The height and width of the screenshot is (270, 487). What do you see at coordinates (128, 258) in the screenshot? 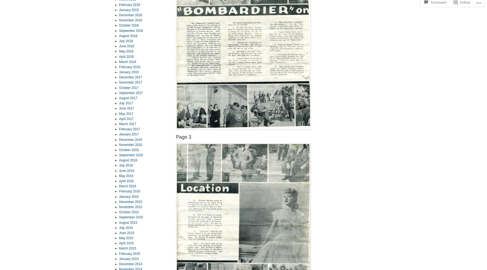
I see `'January 2015'` at bounding box center [128, 258].